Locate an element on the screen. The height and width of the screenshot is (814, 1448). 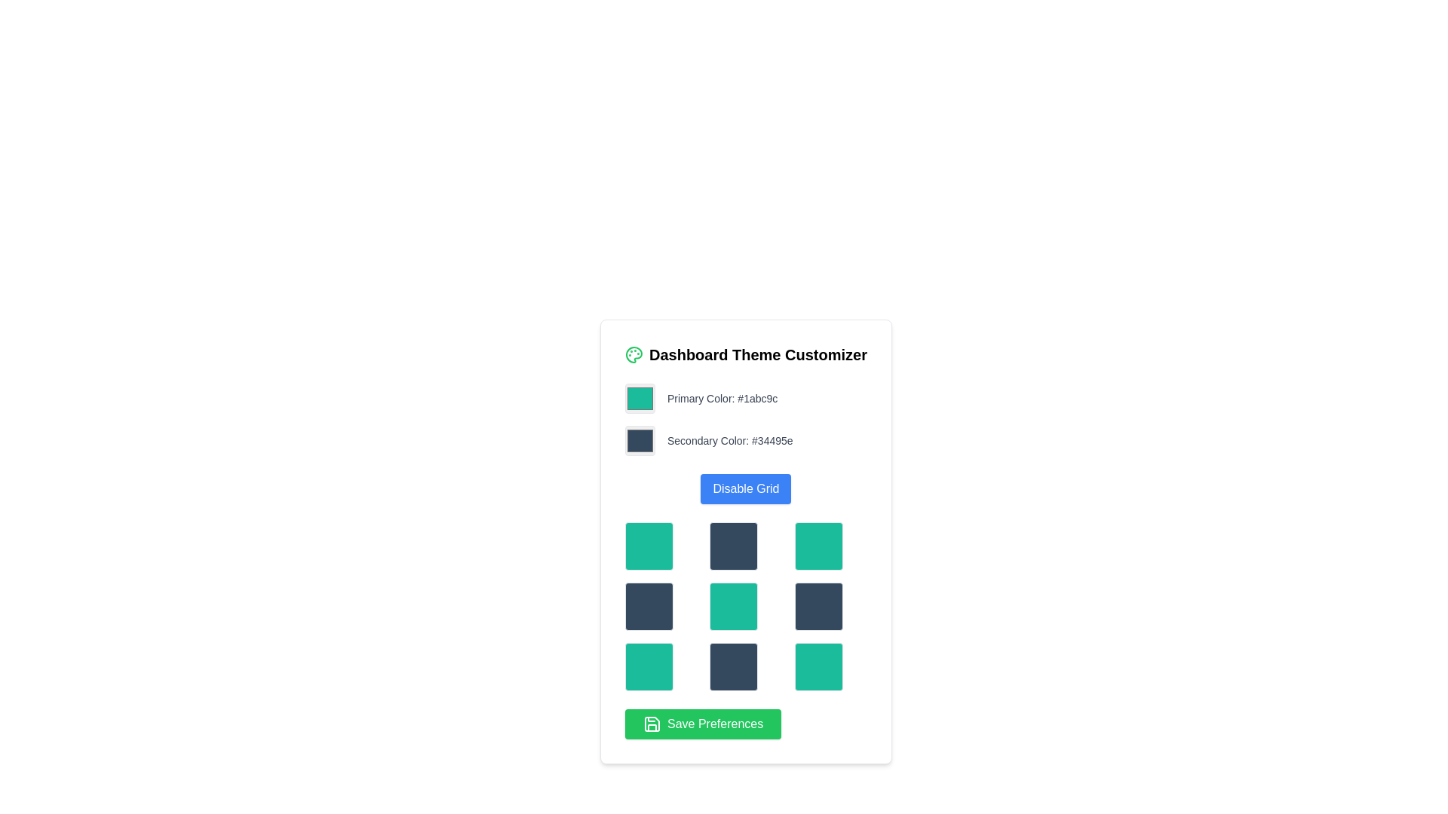
the selectable grid cell located in the middle row and middle column of a 3x3 grid layout is located at coordinates (734, 546).